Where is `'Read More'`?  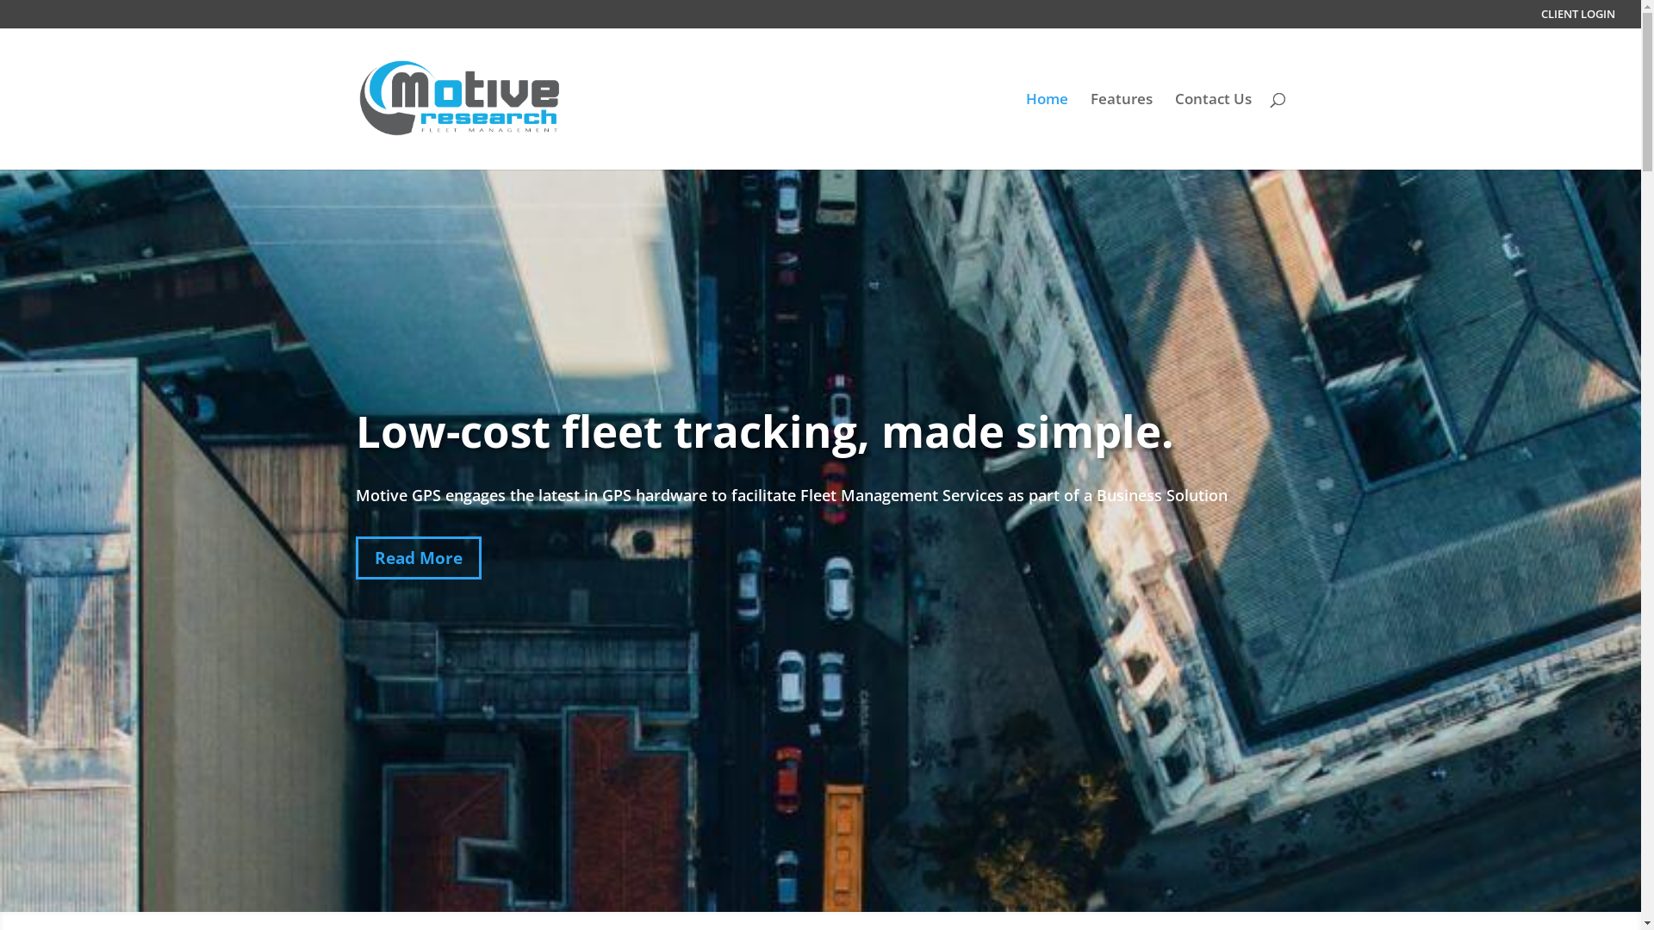 'Read More' is located at coordinates (354, 558).